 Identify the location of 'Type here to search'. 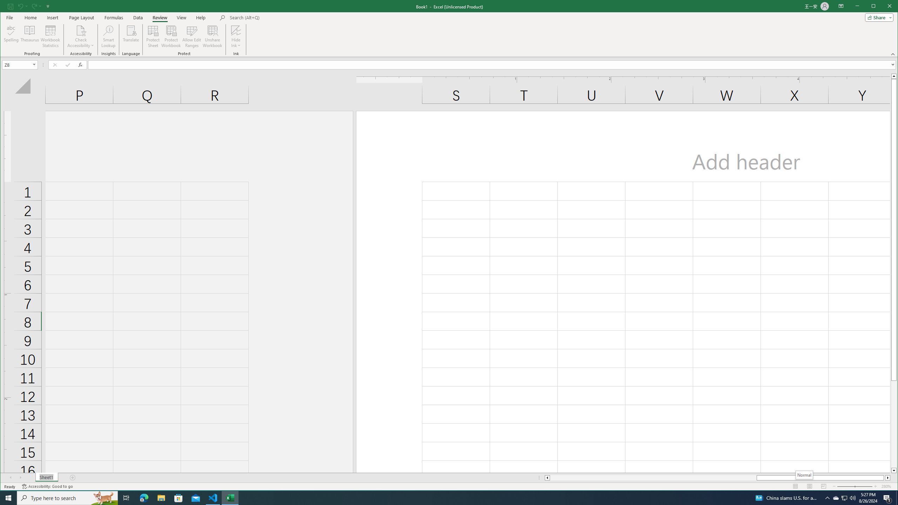
(67, 497).